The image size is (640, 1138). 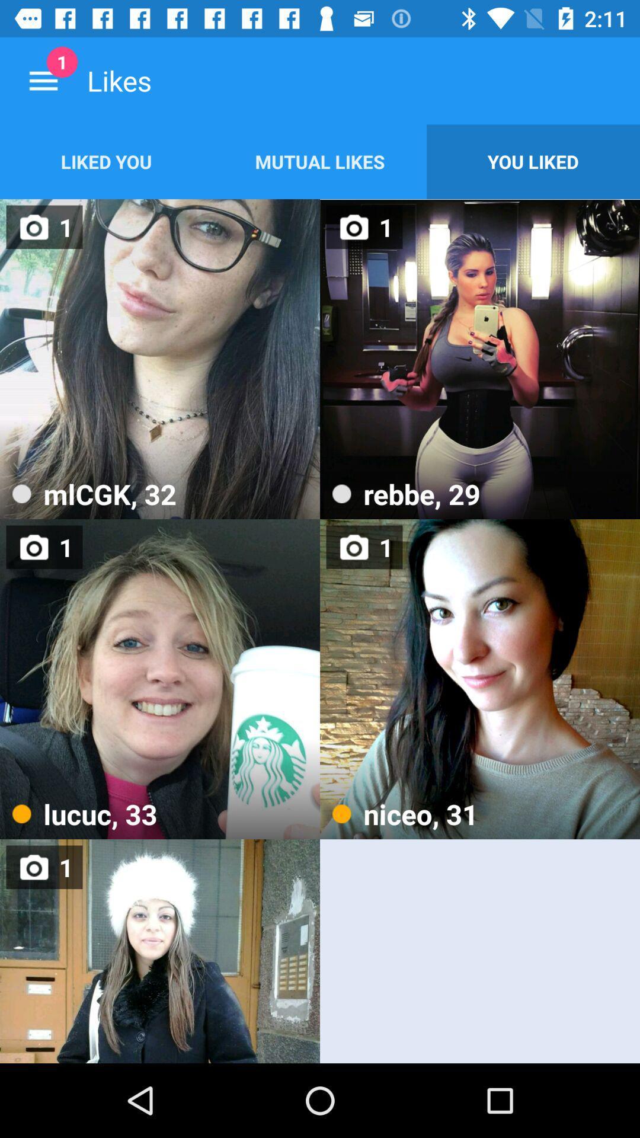 What do you see at coordinates (43, 80) in the screenshot?
I see `item above the liked you icon` at bounding box center [43, 80].